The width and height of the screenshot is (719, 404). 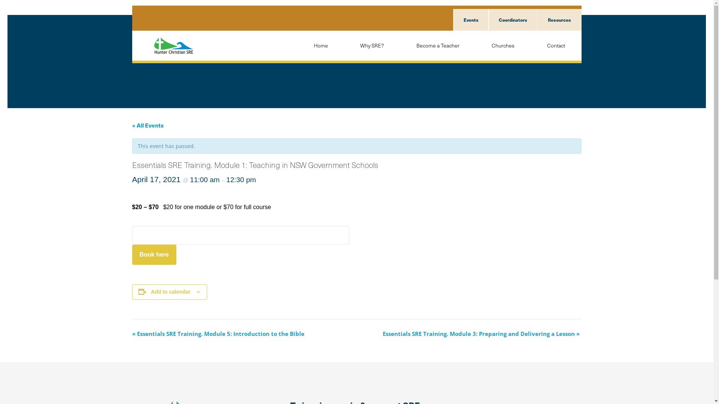 I want to click on 'Add to calendar', so click(x=170, y=291).